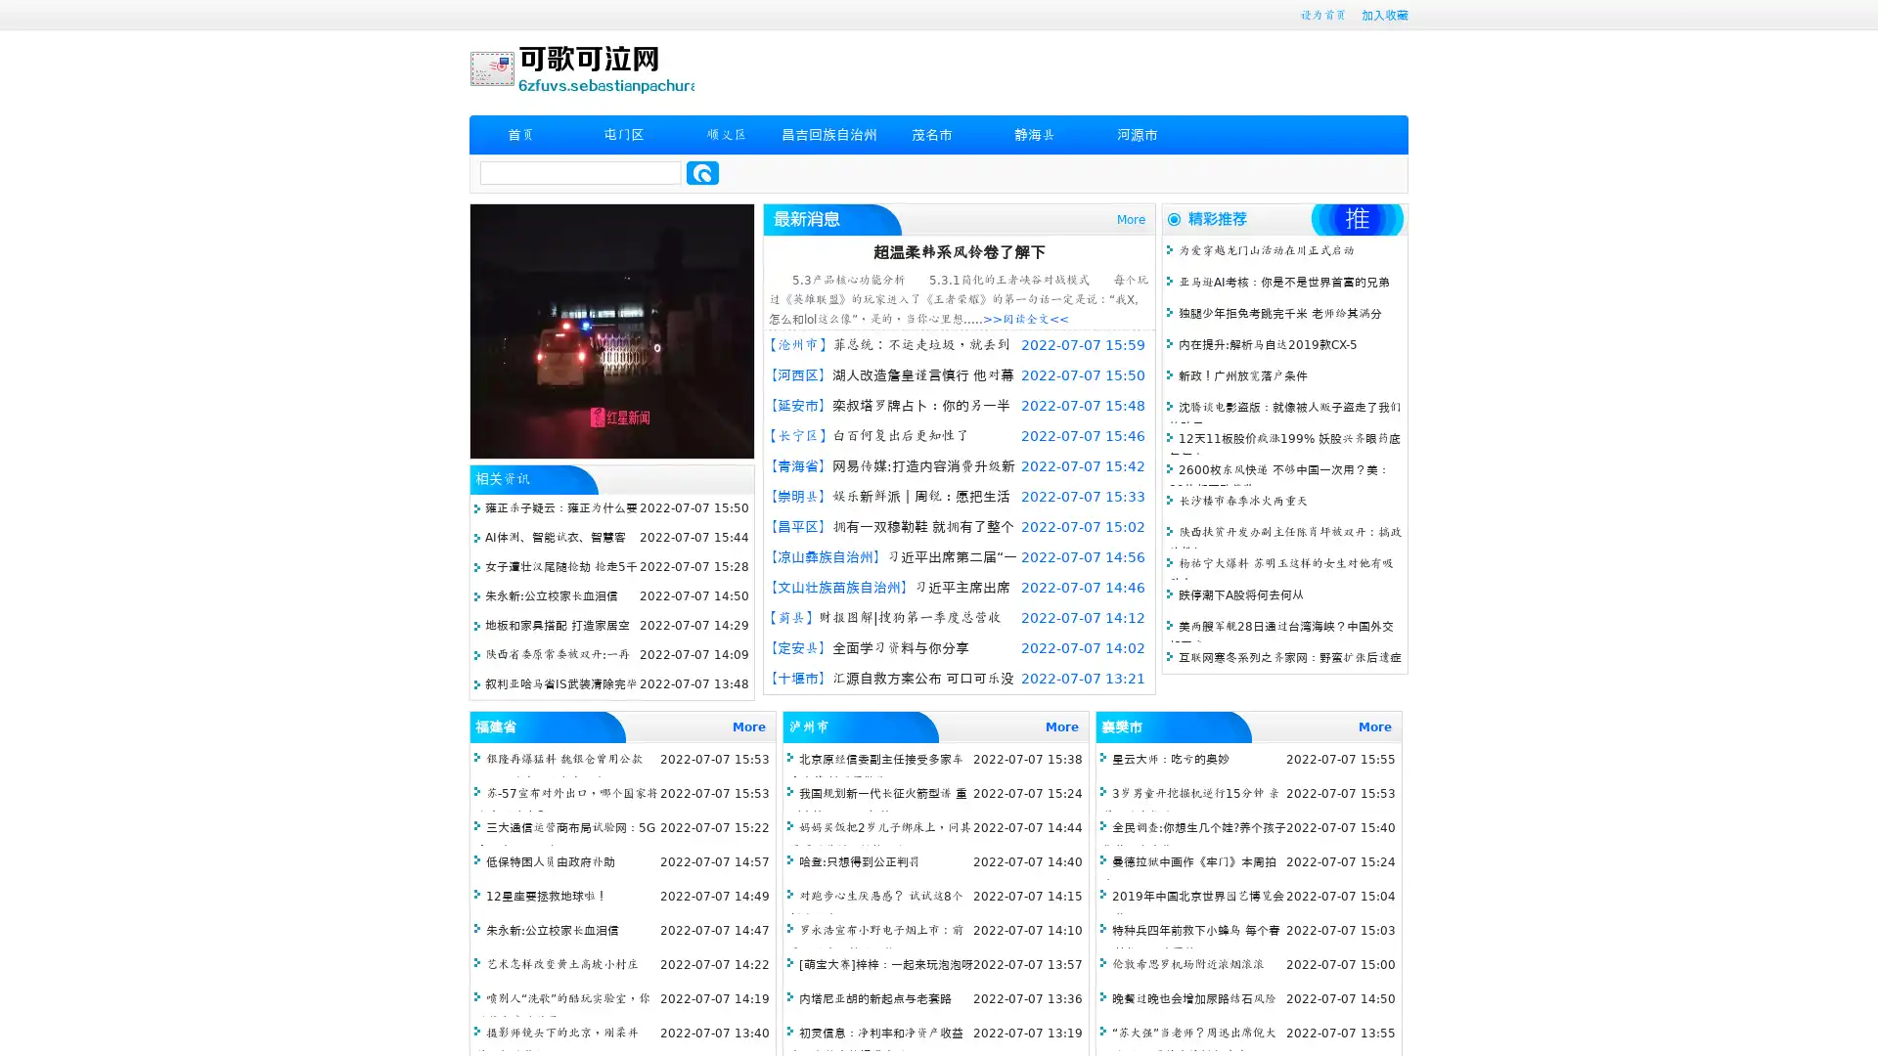 The height and width of the screenshot is (1056, 1878). I want to click on Search, so click(702, 172).